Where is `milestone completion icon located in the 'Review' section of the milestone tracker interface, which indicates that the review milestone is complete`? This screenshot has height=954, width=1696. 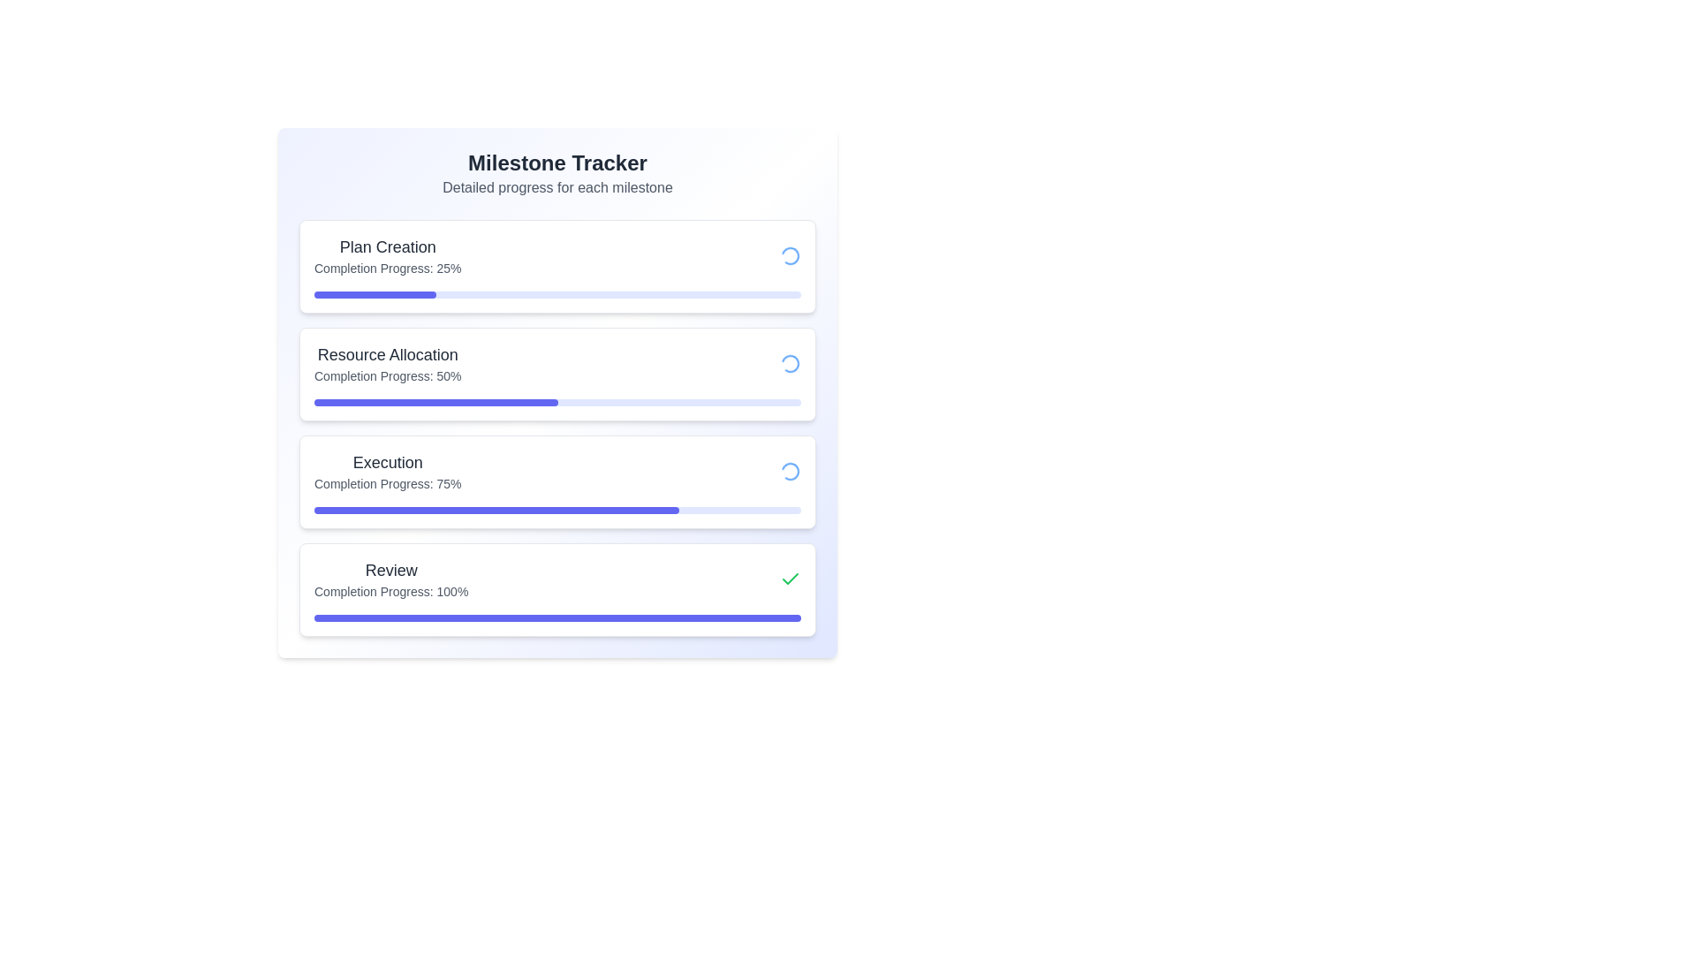 milestone completion icon located in the 'Review' section of the milestone tracker interface, which indicates that the review milestone is complete is located at coordinates (789, 579).